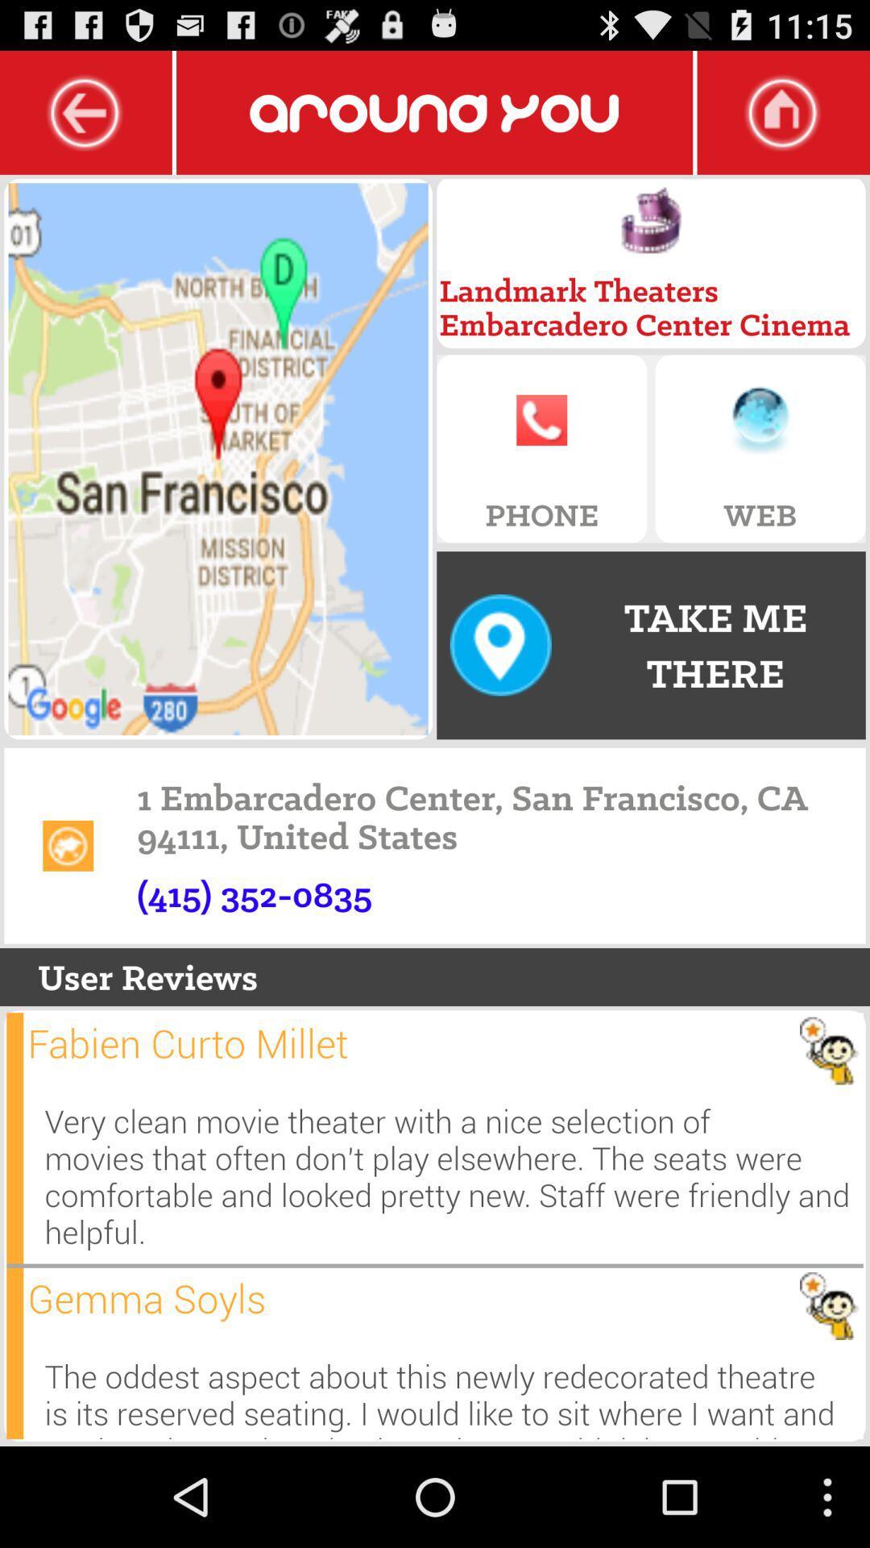 This screenshot has height=1548, width=870. Describe the element at coordinates (147, 1298) in the screenshot. I see `gemma soyls item` at that location.